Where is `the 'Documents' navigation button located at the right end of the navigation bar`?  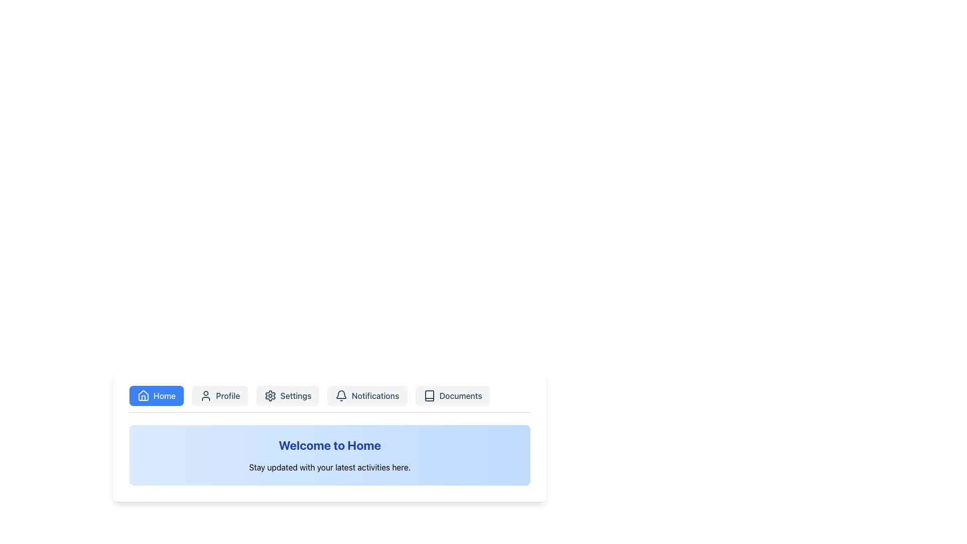
the 'Documents' navigation button located at the right end of the navigation bar is located at coordinates (452, 395).